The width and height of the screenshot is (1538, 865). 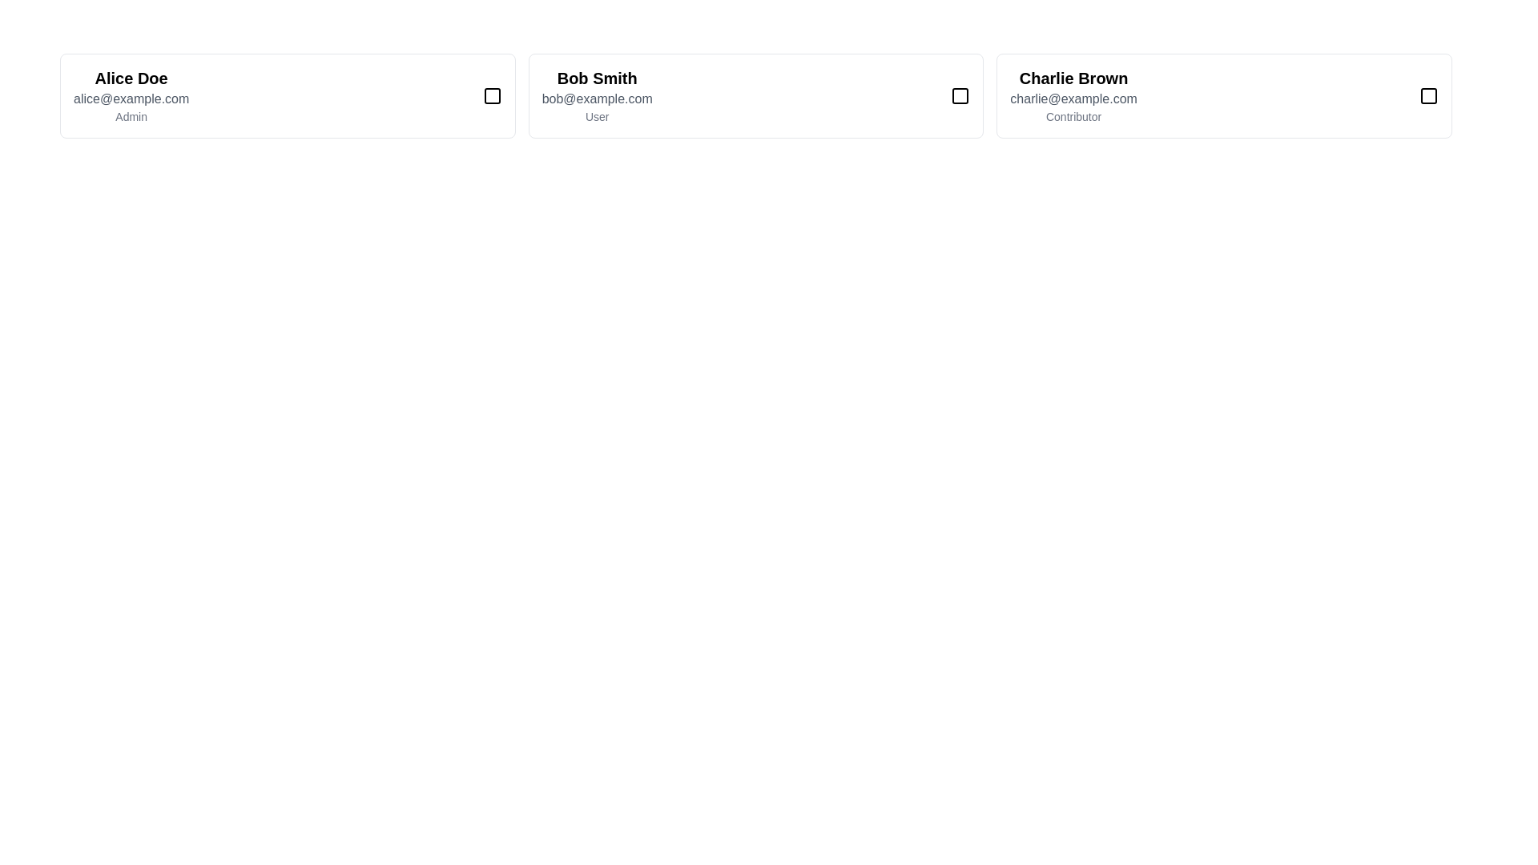 I want to click on the interactive checkbox or button for selecting the user associated with the card 'Charlie Brown', located at the top-right corner of the rightmost user card, so click(x=1429, y=95).